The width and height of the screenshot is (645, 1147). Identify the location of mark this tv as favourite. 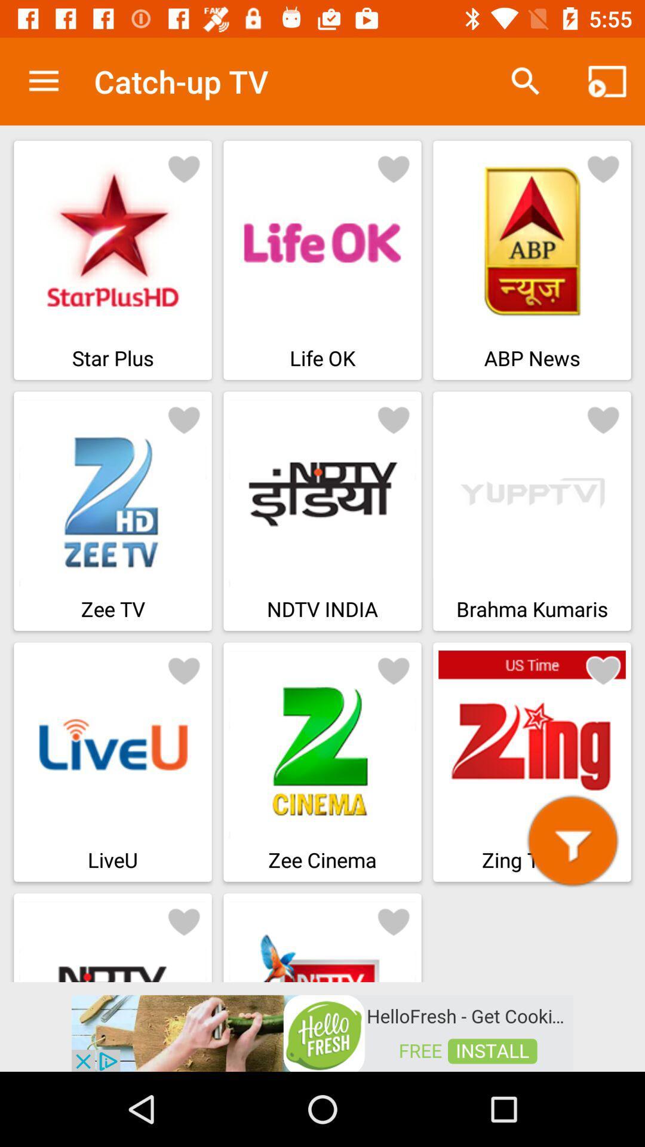
(603, 419).